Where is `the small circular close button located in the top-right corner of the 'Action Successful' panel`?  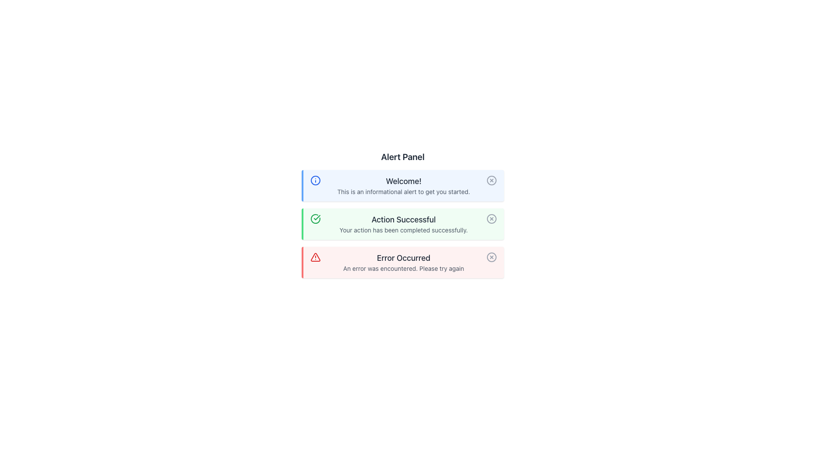 the small circular close button located in the top-right corner of the 'Action Successful' panel is located at coordinates (492, 218).